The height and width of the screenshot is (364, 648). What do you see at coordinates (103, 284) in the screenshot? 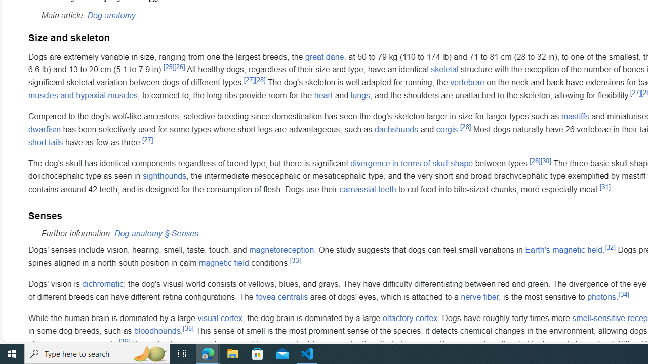
I see `'dichromatic'` at bounding box center [103, 284].